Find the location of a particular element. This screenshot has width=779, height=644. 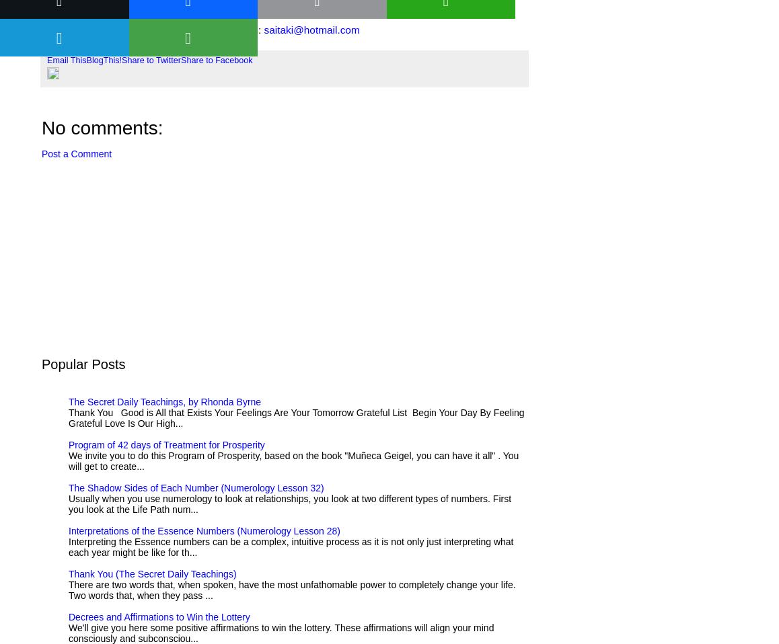

'No comments:' is located at coordinates (102, 127).